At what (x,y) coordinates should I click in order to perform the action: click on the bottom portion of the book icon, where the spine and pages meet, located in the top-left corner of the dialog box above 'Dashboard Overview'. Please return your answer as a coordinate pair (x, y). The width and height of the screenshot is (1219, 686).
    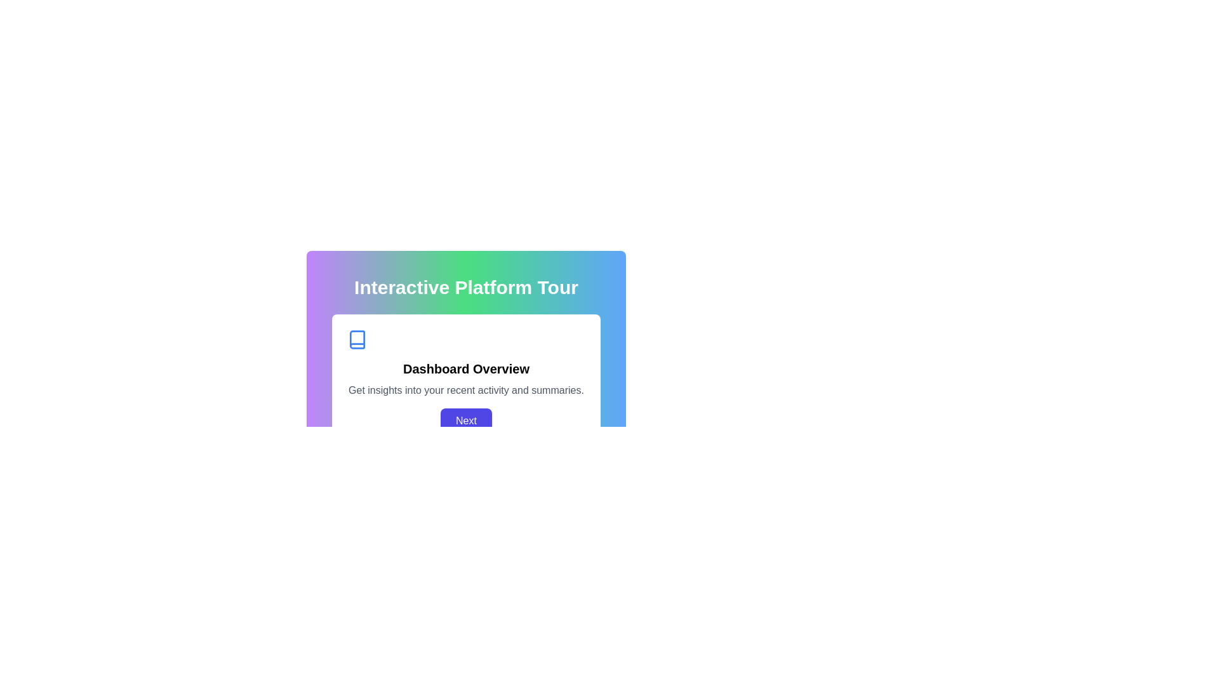
    Looking at the image, I should click on (356, 339).